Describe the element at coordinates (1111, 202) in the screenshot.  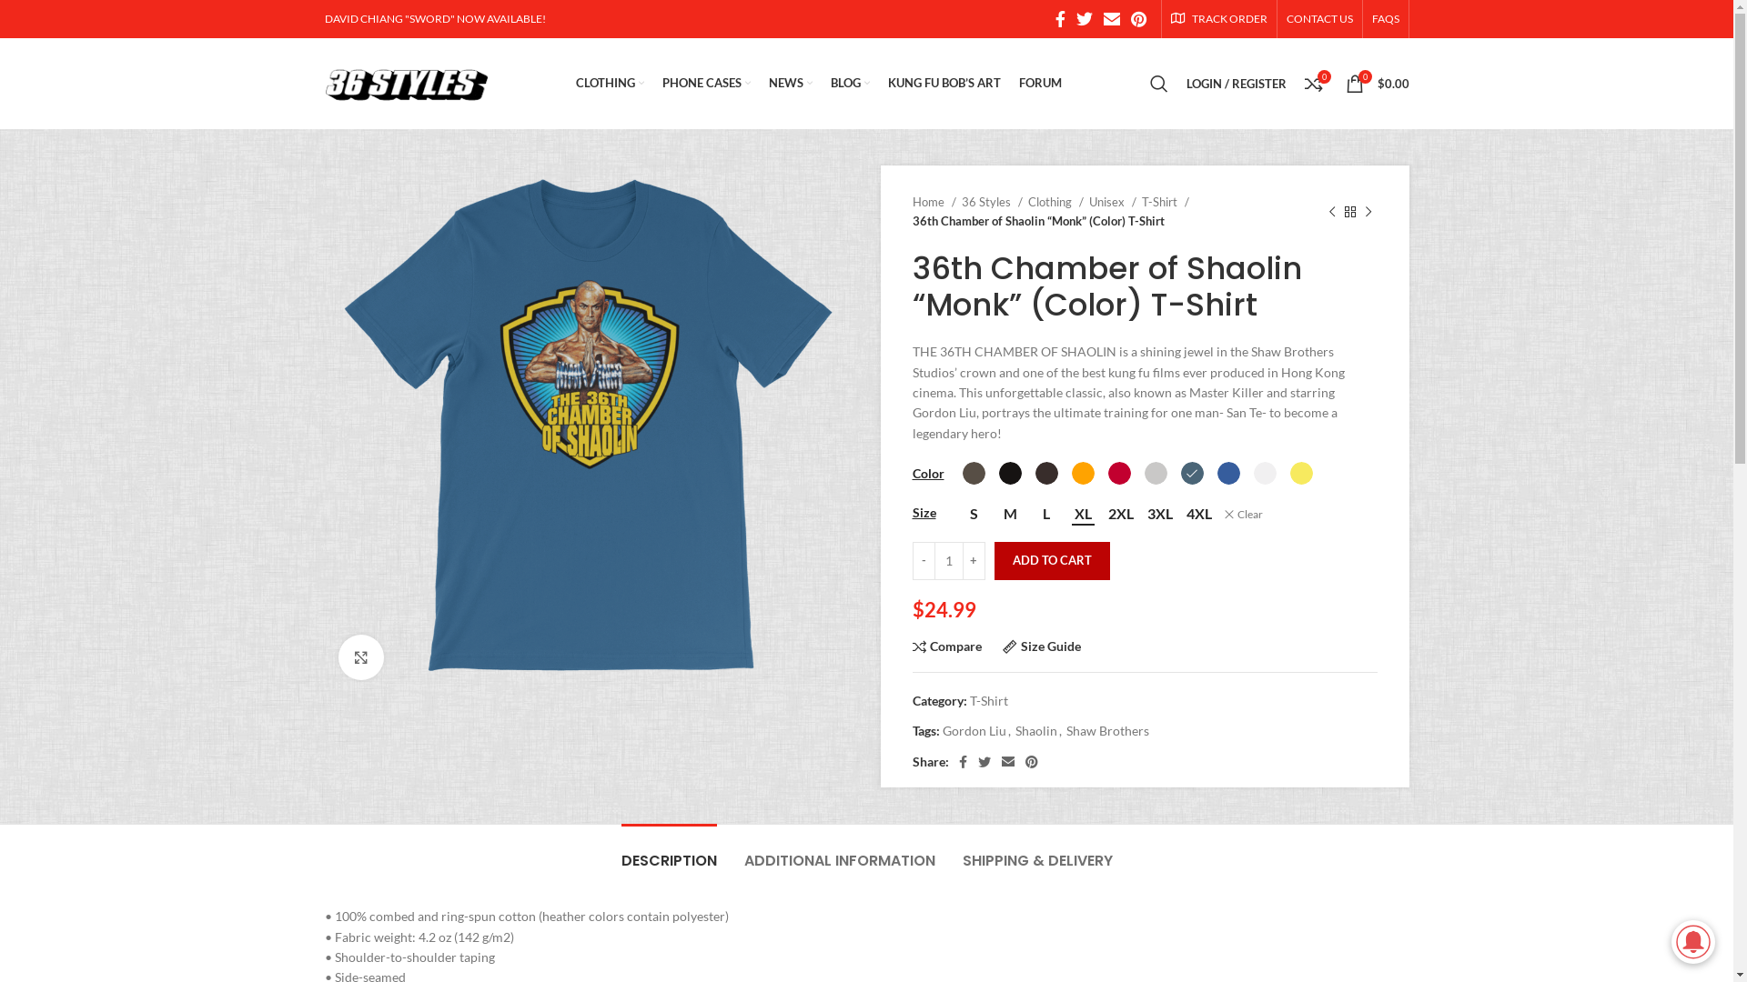
I see `'Unisex'` at that location.